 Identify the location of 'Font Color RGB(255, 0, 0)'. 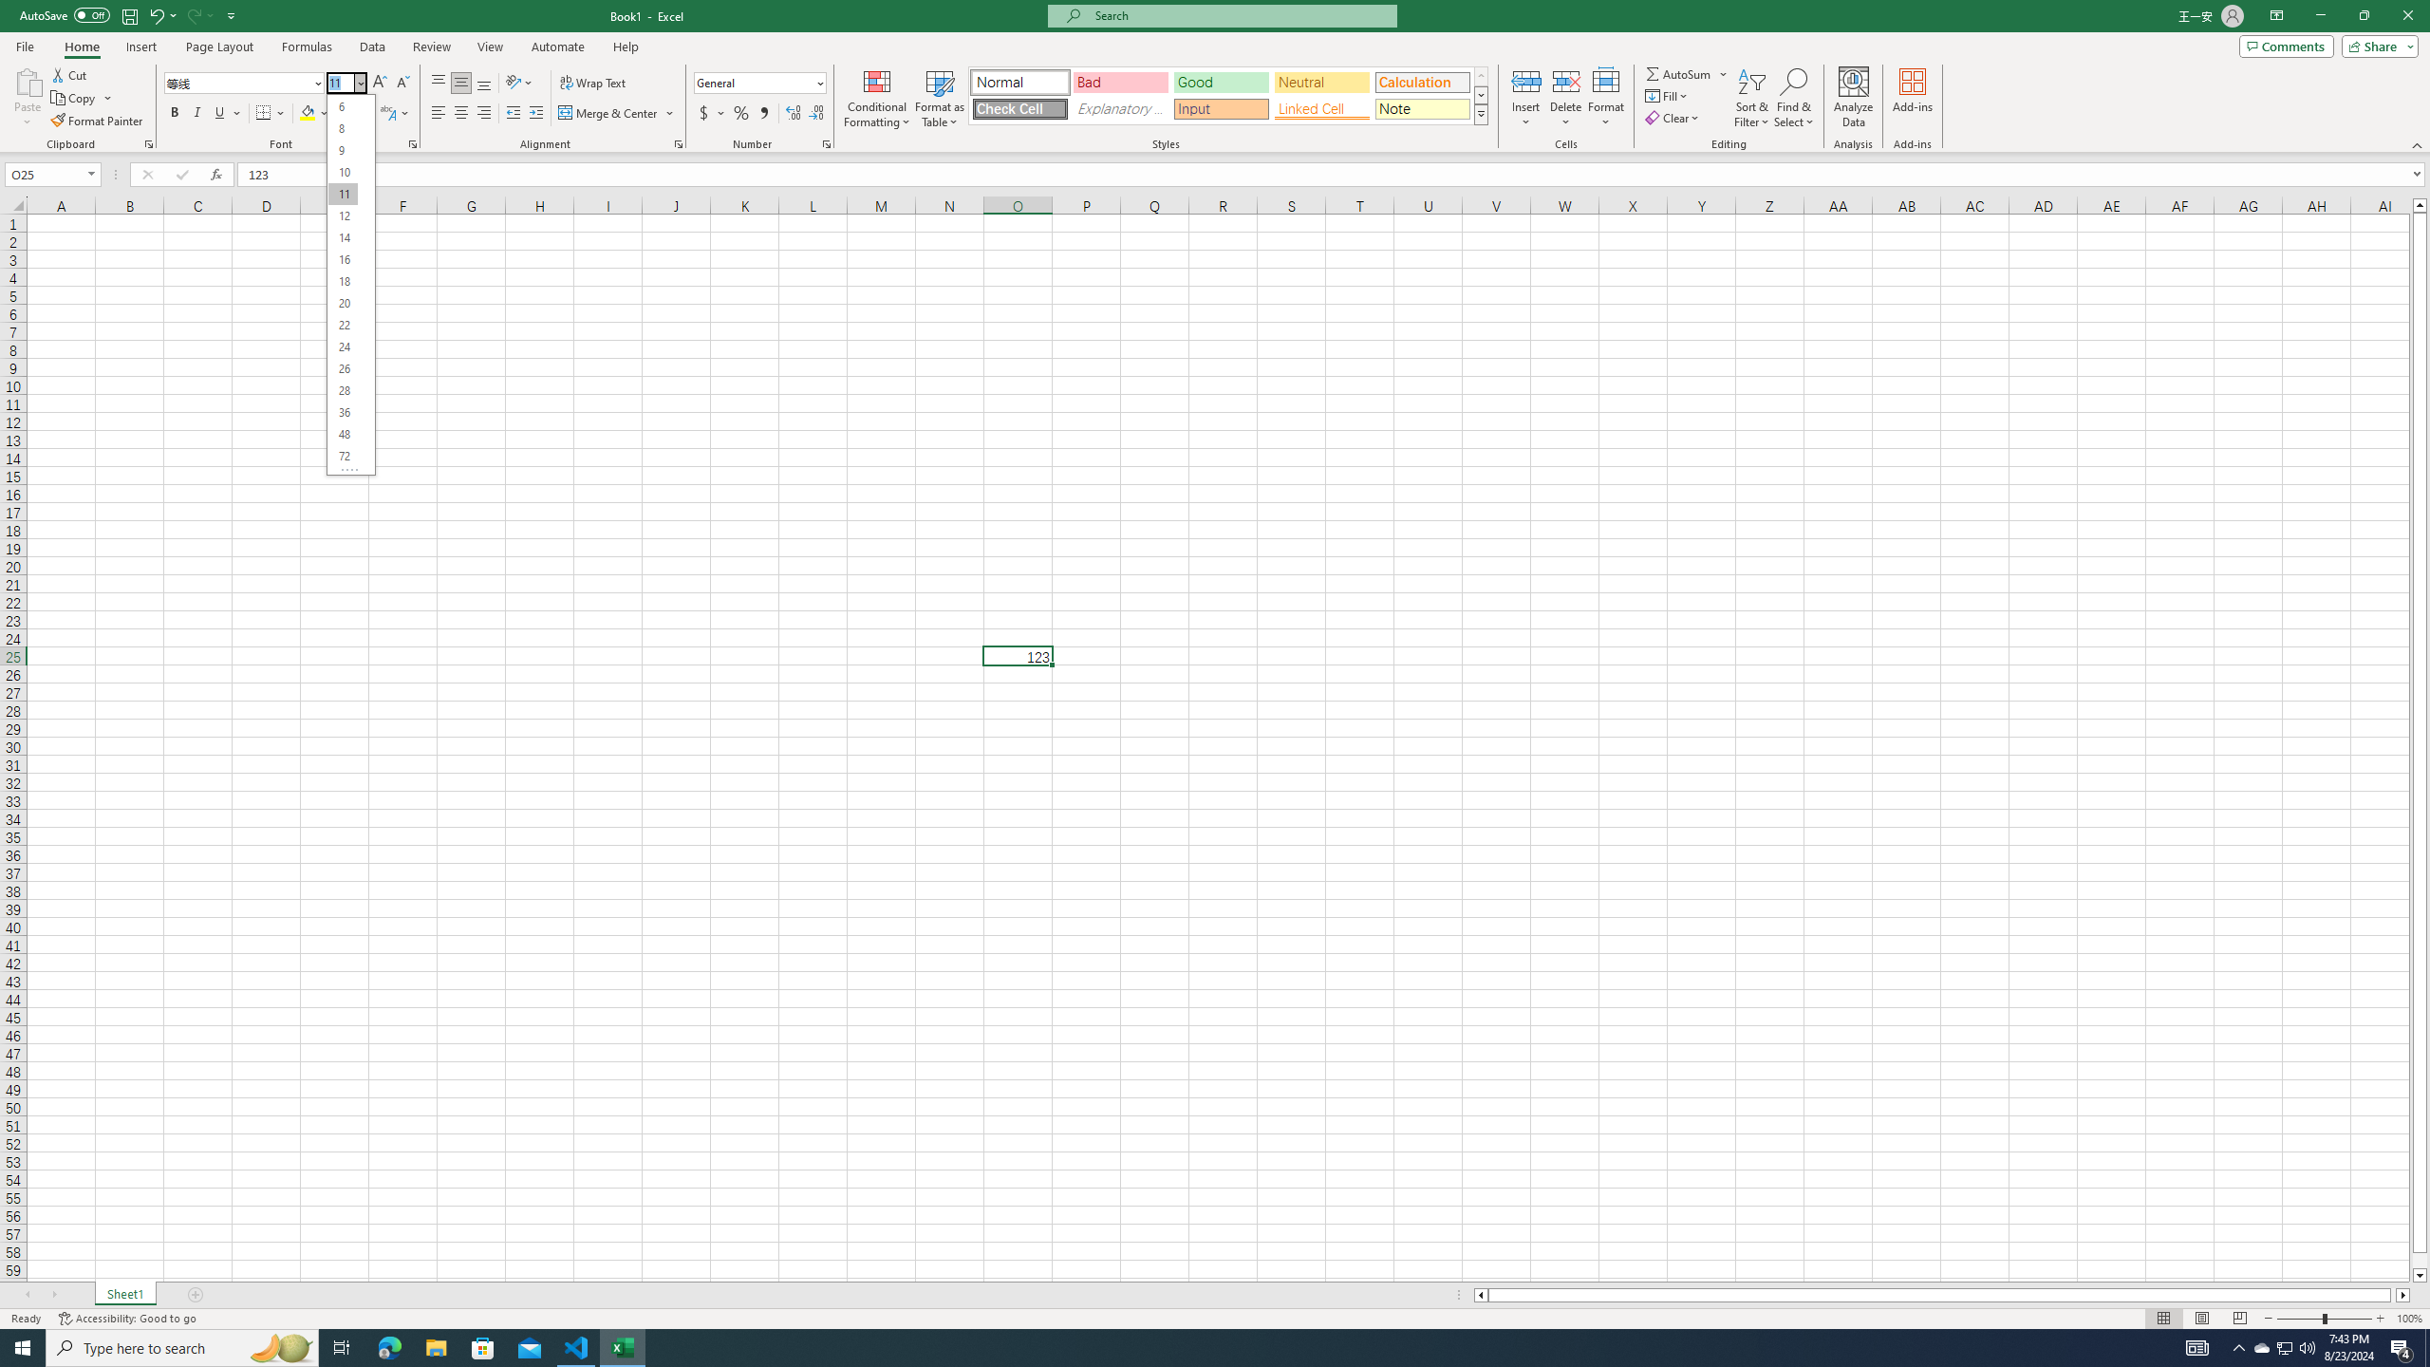
(344, 112).